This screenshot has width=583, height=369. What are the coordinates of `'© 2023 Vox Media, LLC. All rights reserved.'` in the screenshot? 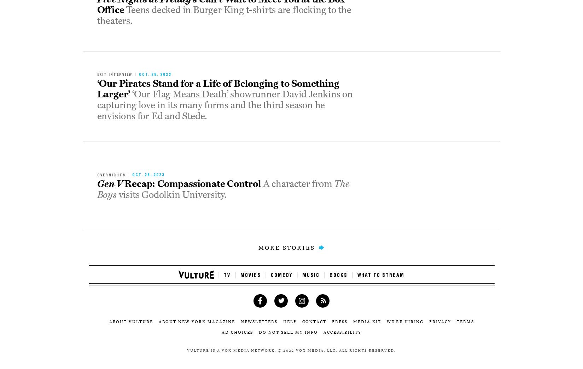 It's located at (278, 350).